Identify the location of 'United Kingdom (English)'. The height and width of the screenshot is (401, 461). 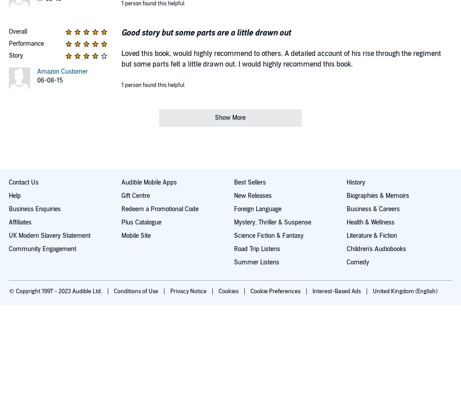
(405, 291).